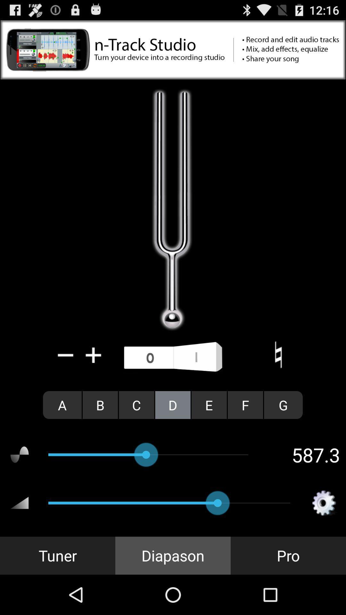  What do you see at coordinates (173, 357) in the screenshot?
I see `activate tuner` at bounding box center [173, 357].